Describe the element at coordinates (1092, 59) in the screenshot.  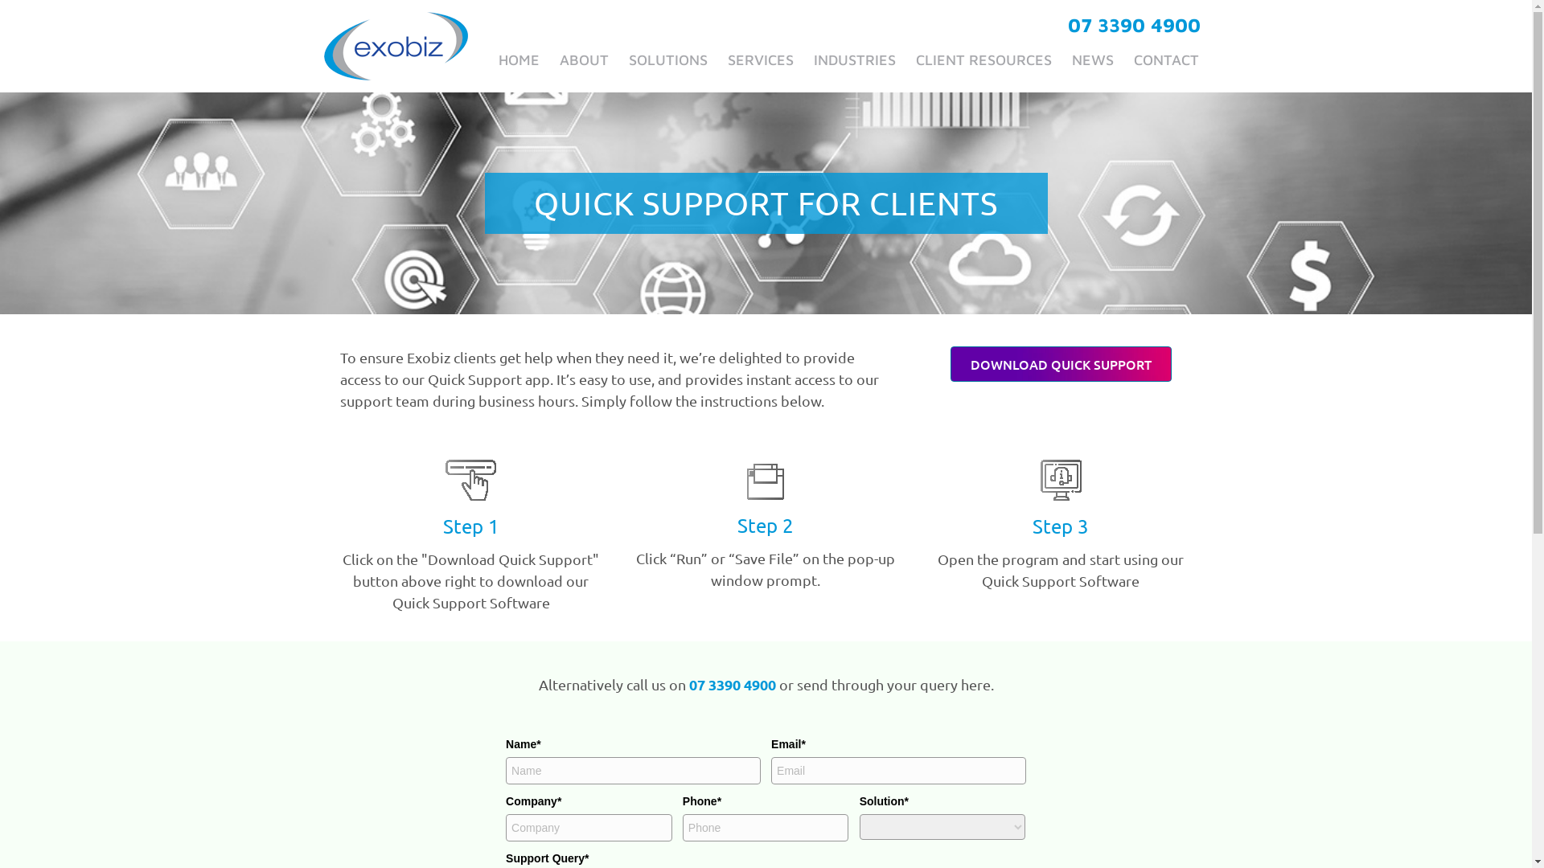
I see `'NEWS'` at that location.